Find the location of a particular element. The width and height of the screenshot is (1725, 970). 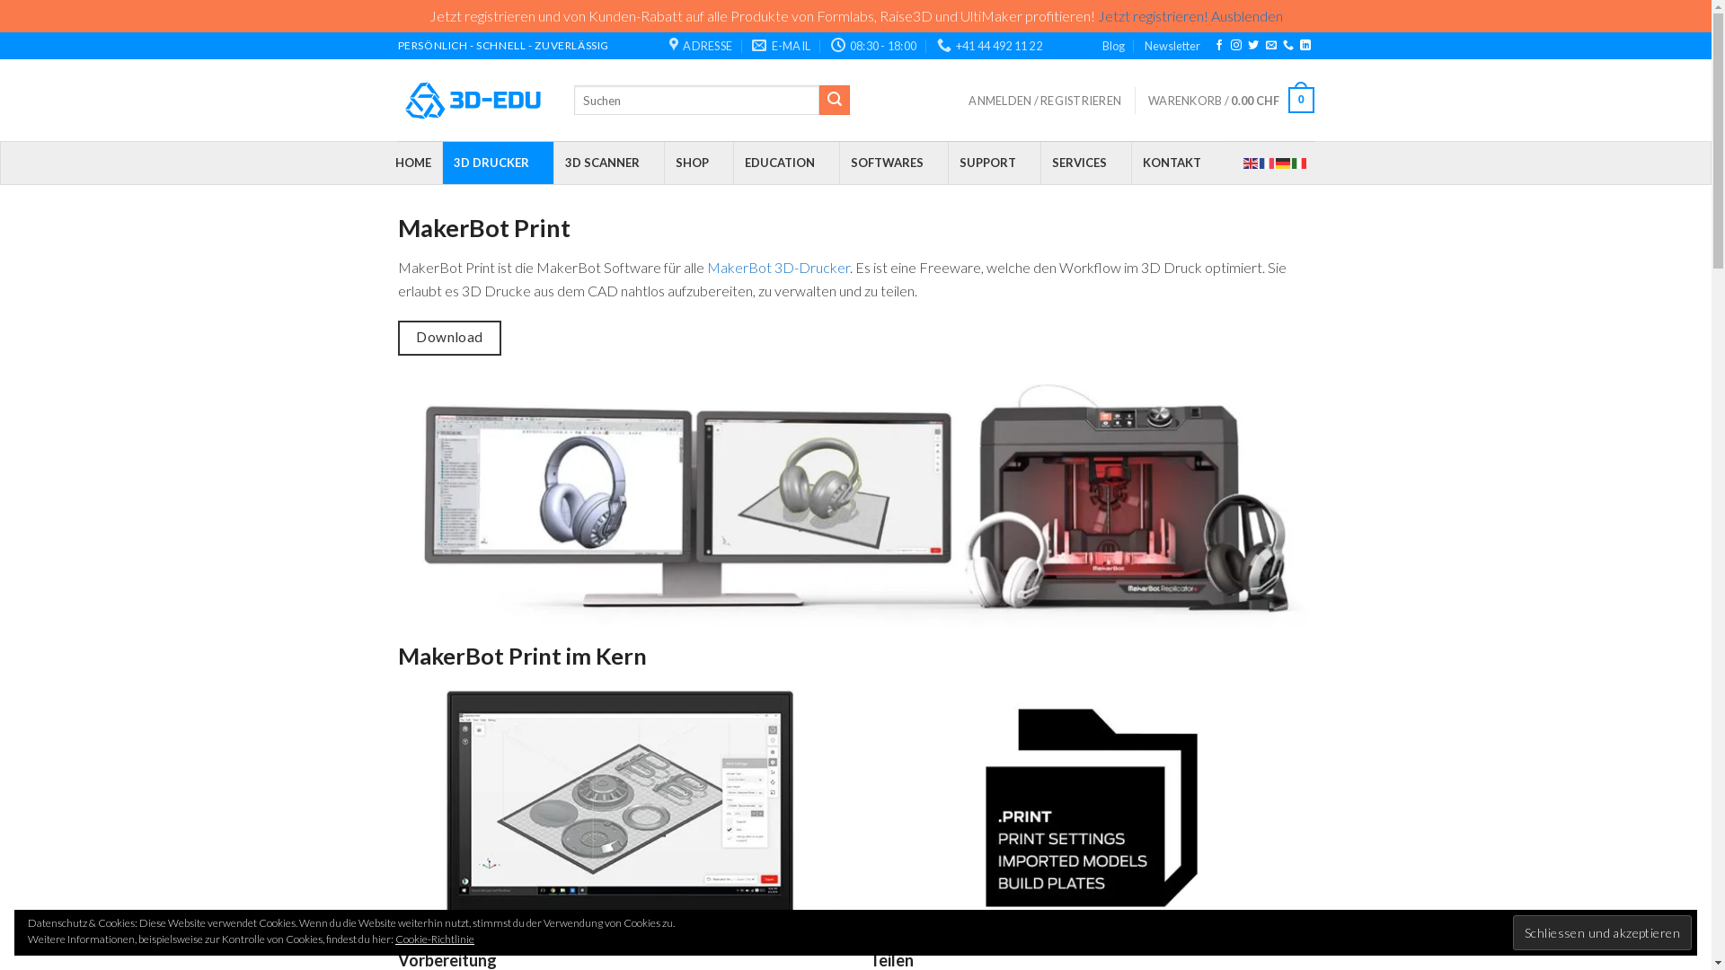

'EDUCATION' is located at coordinates (733, 163).